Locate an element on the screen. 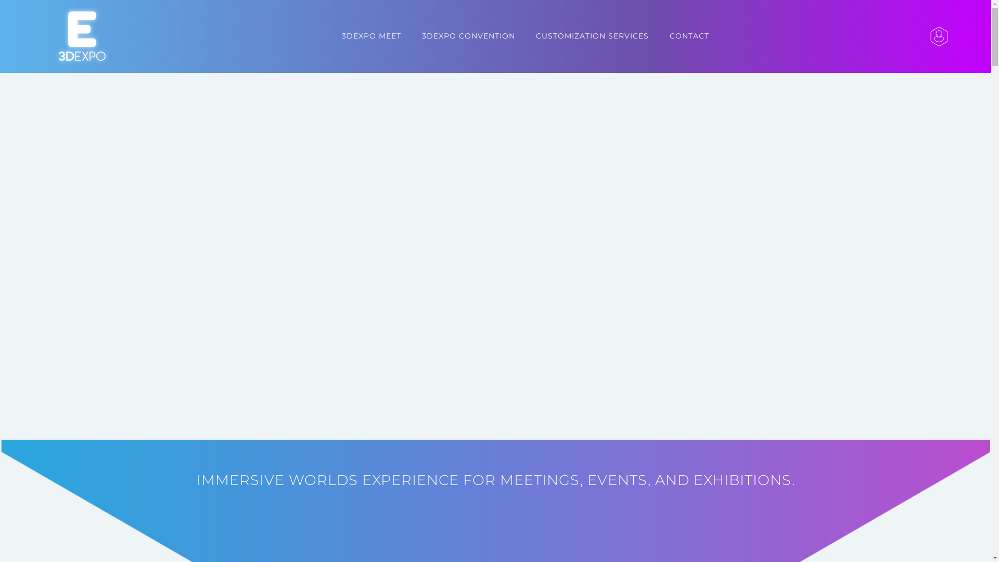  'CUSTOMIZATION SERVICES' is located at coordinates (592, 35).